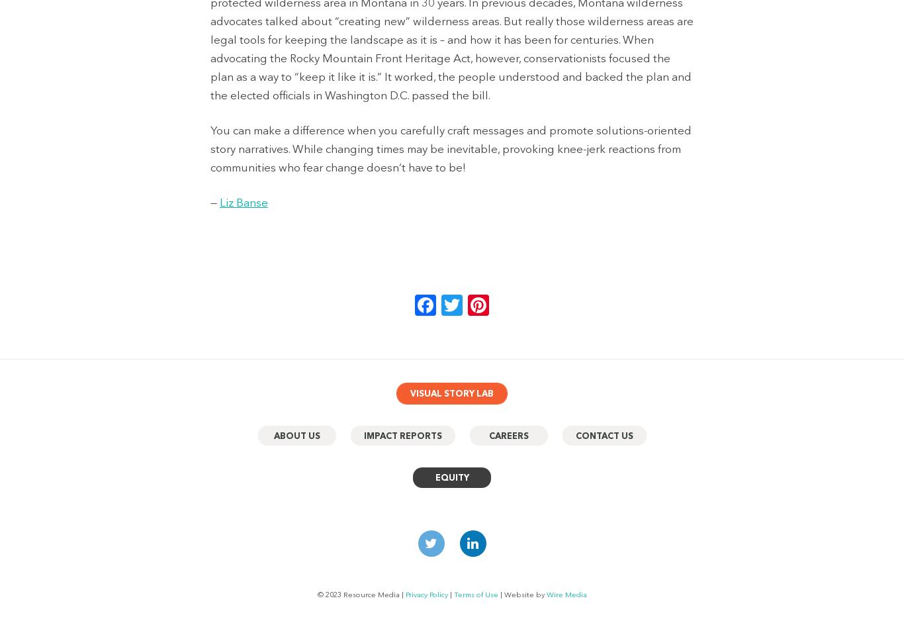  Describe the element at coordinates (484, 305) in the screenshot. I see `'Facebook'` at that location.